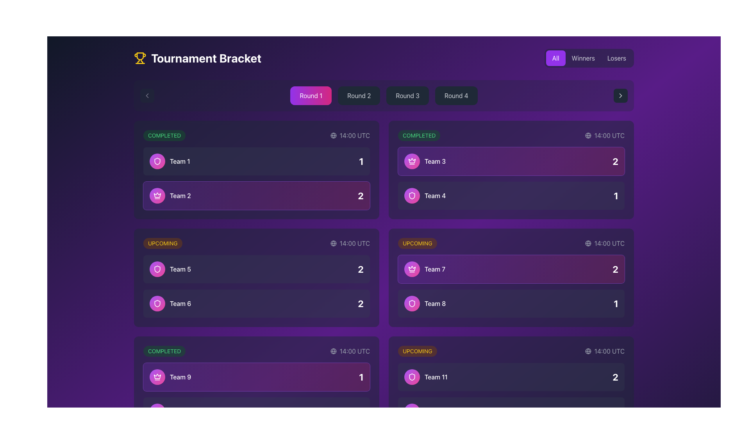 Image resolution: width=750 pixels, height=422 pixels. Describe the element at coordinates (412, 376) in the screenshot. I see `the shield-like icon with a purple border located to the left of the text 'Team 8' in the 'Upcoming' section` at that location.